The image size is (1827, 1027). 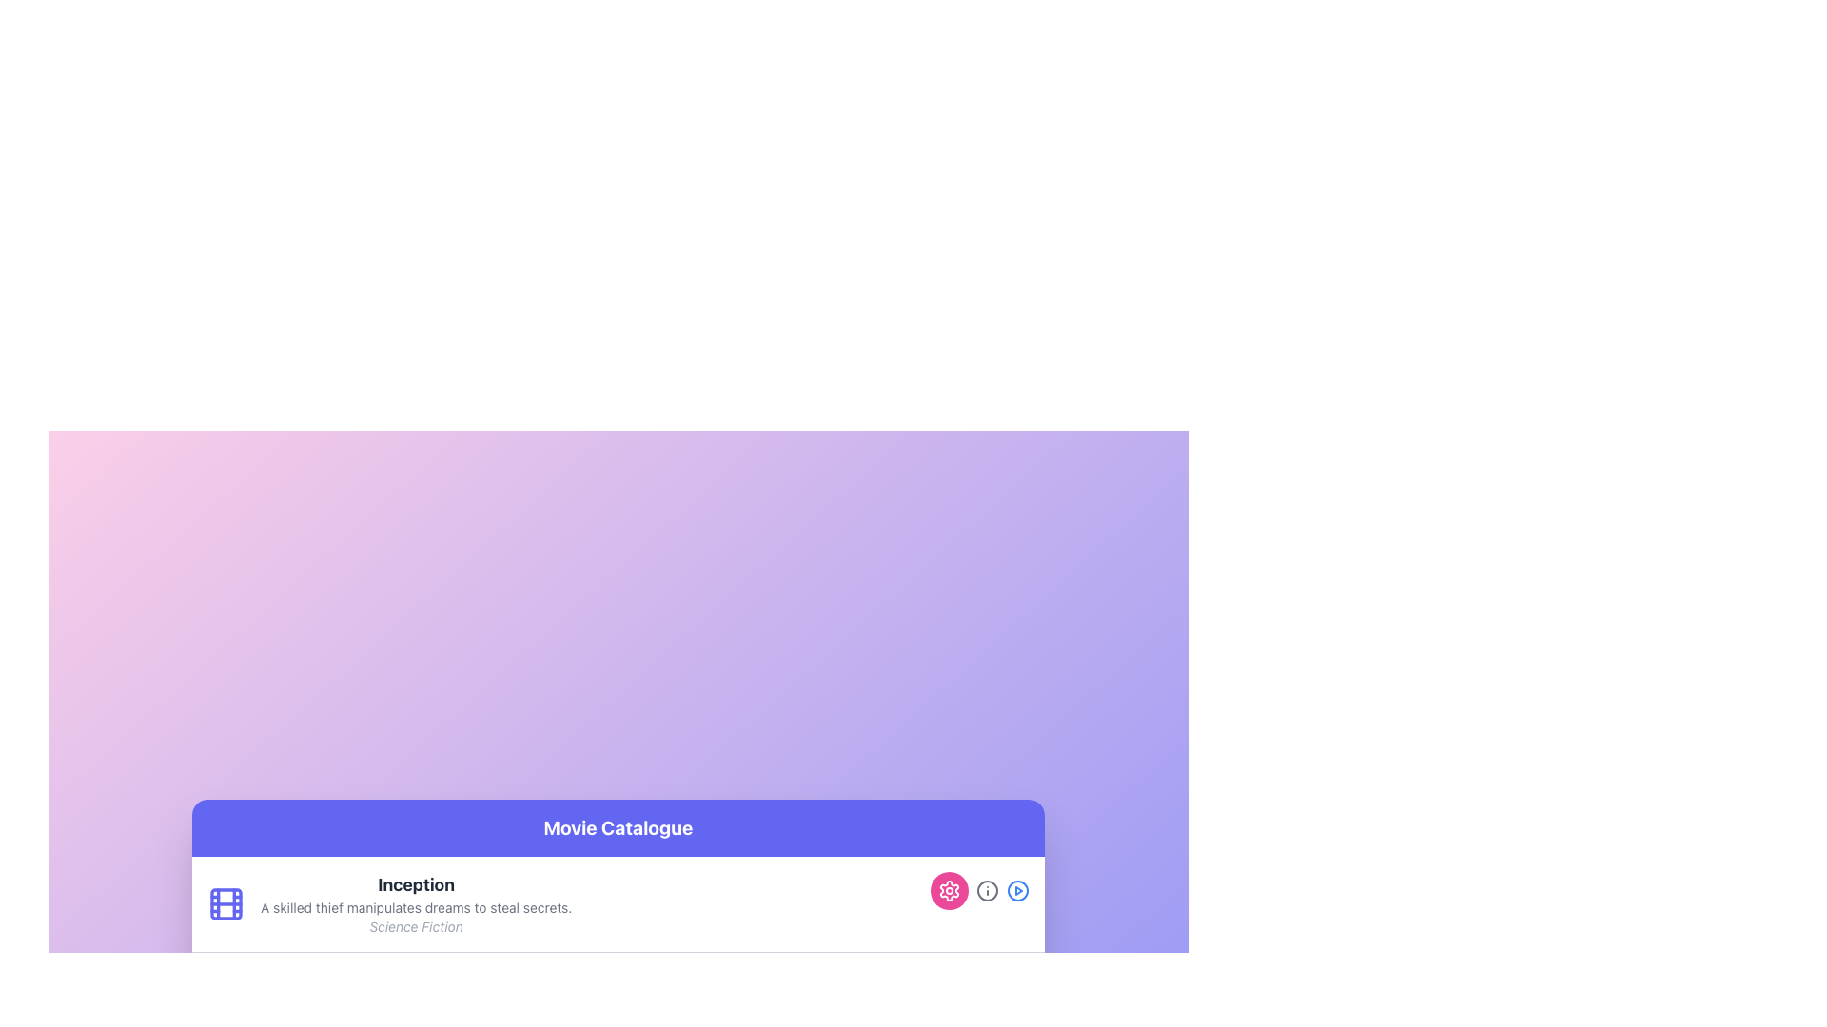 I want to click on the static text element that provides a synopsis of the movie 'Inception', positioned between the title and genre descriptor, so click(x=415, y=906).